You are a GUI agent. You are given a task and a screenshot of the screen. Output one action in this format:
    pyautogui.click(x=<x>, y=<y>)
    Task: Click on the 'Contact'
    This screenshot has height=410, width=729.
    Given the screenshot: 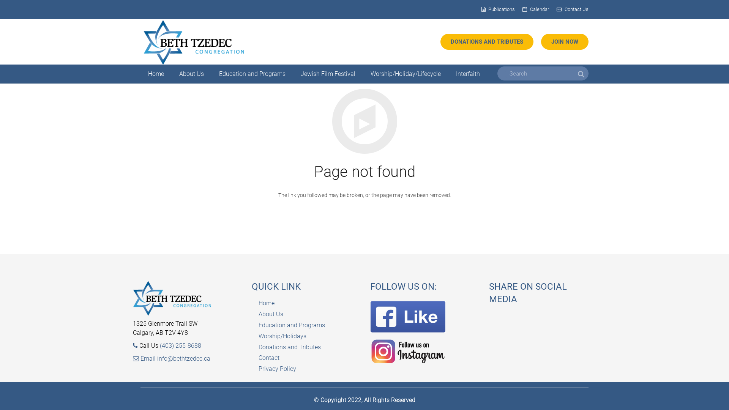 What is the action you would take?
    pyautogui.click(x=268, y=358)
    